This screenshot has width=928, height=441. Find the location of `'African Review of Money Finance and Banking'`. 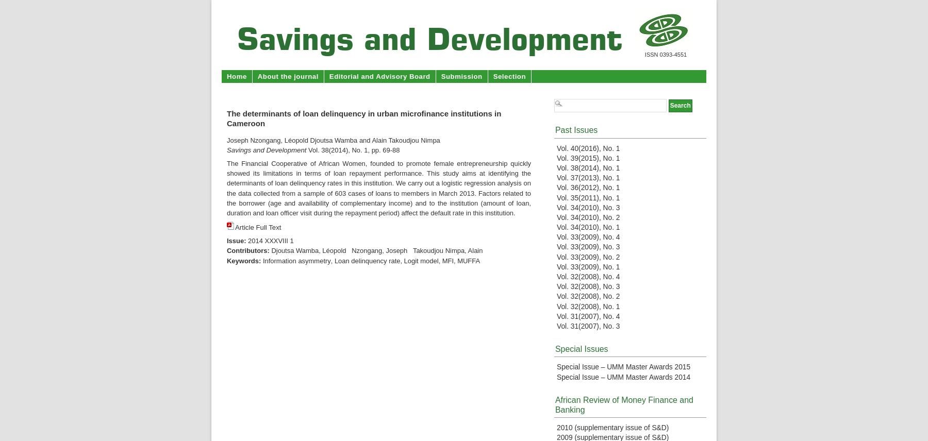

'African Review of Money Finance and Banking' is located at coordinates (623, 404).